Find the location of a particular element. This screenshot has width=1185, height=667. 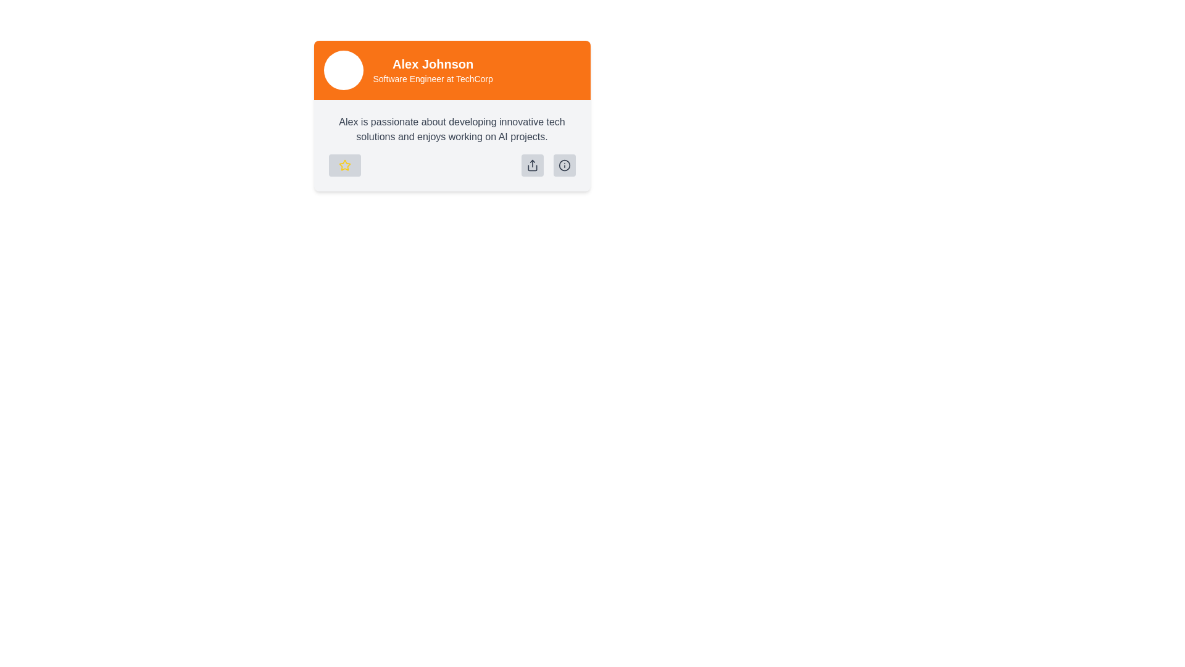

Text Label displaying the name of the individual profiled in the card, located above the text 'Software Engineer at TechCorp' is located at coordinates (433, 64).